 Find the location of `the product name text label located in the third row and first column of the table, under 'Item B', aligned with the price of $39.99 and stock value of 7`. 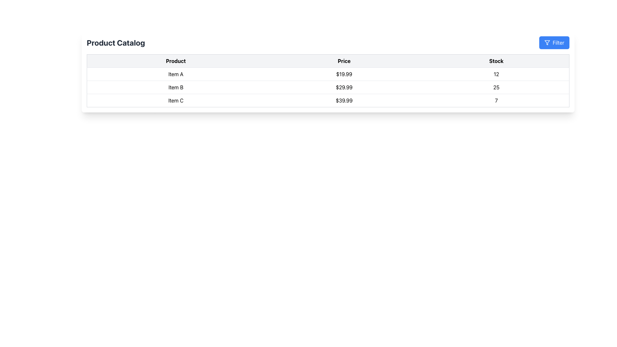

the product name text label located in the third row and first column of the table, under 'Item B', aligned with the price of $39.99 and stock value of 7 is located at coordinates (176, 100).